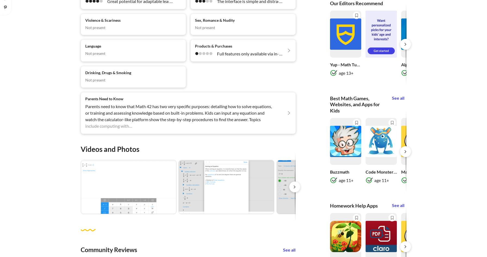  What do you see at coordinates (260, 54) in the screenshot?
I see `'Full features only available via in-app purchase.'` at bounding box center [260, 54].